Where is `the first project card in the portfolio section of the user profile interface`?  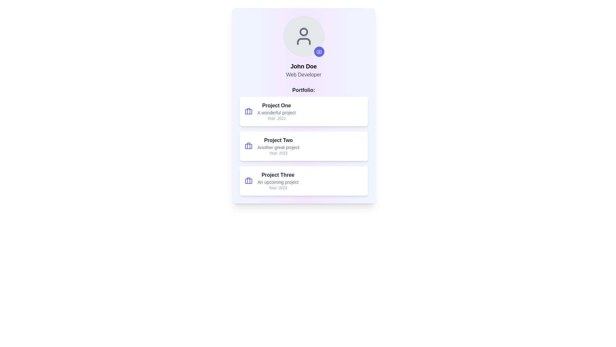 the first project card in the portfolio section of the user profile interface is located at coordinates (303, 111).